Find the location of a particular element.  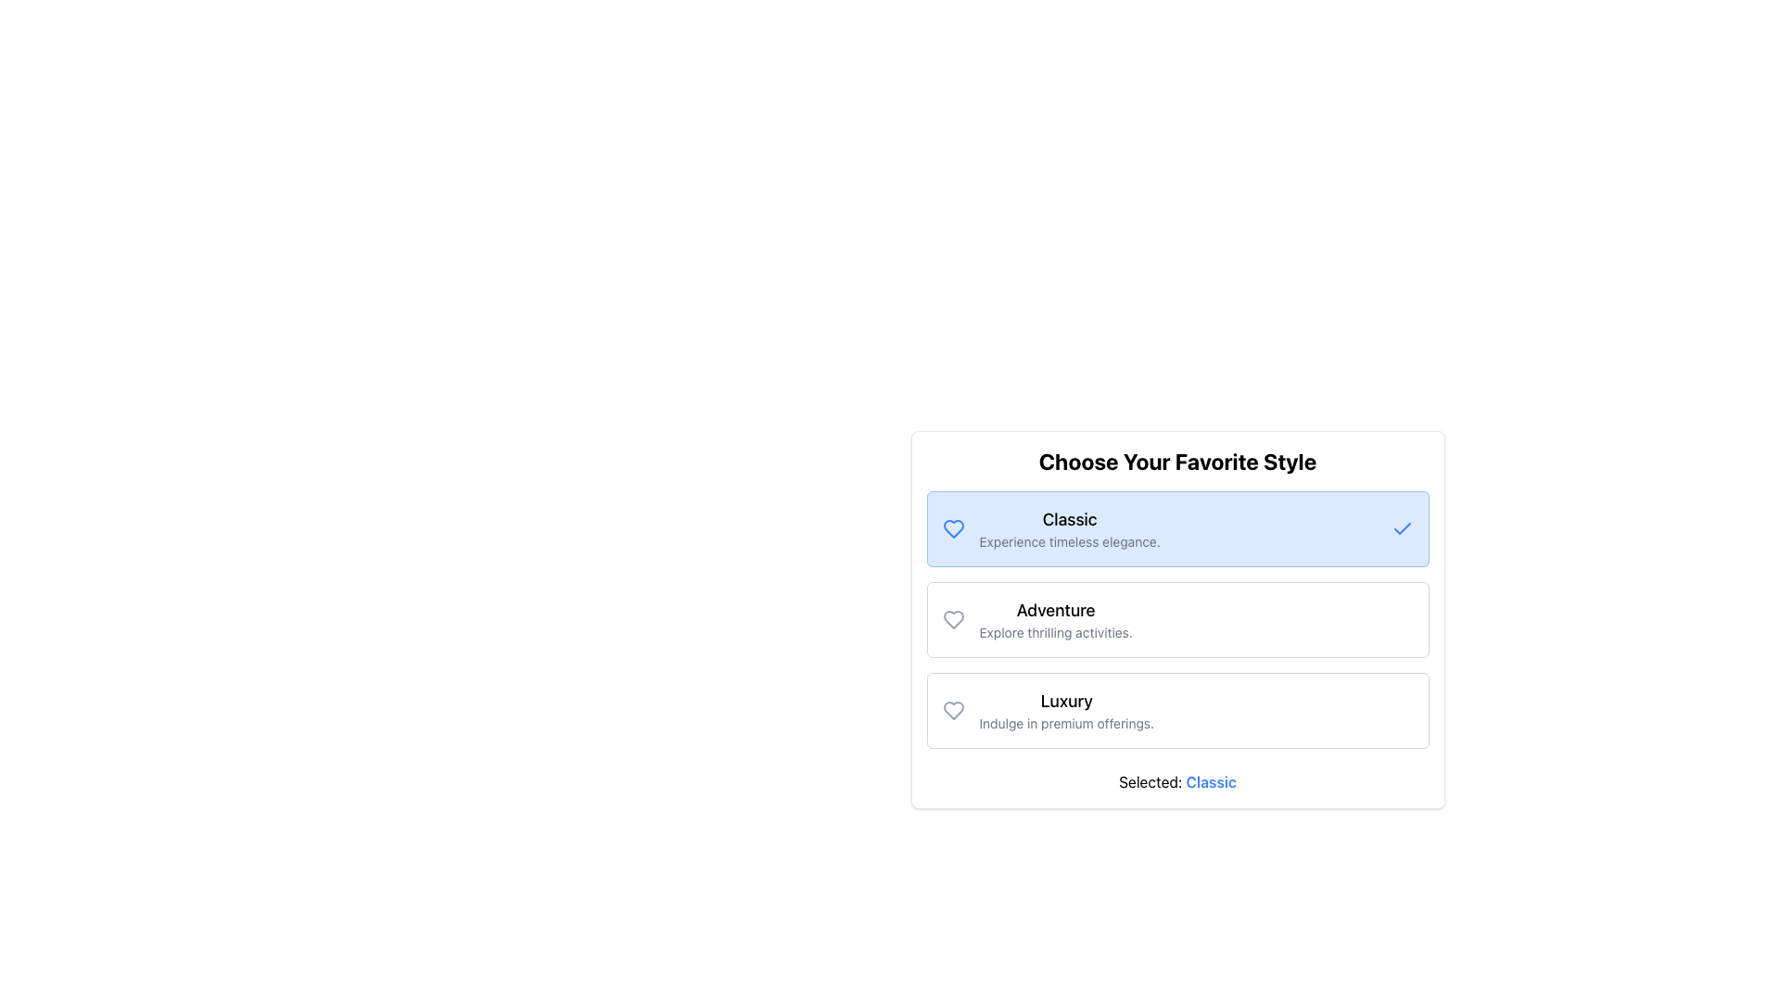

the 'Adventure' selectable card option is located at coordinates (1176, 619).